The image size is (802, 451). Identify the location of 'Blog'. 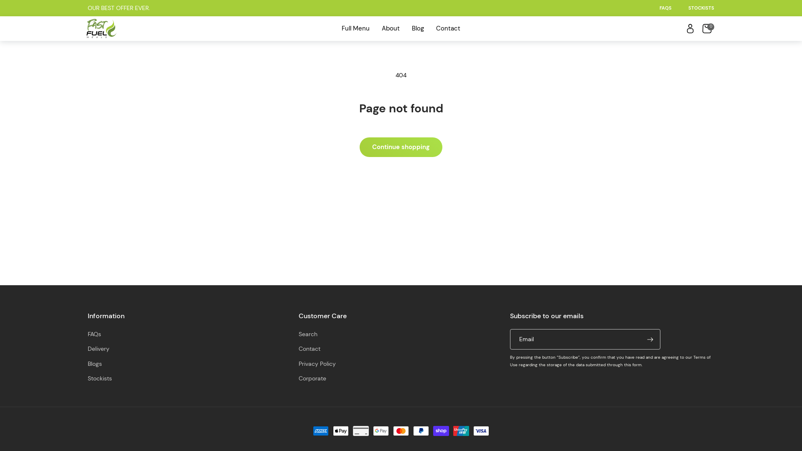
(417, 28).